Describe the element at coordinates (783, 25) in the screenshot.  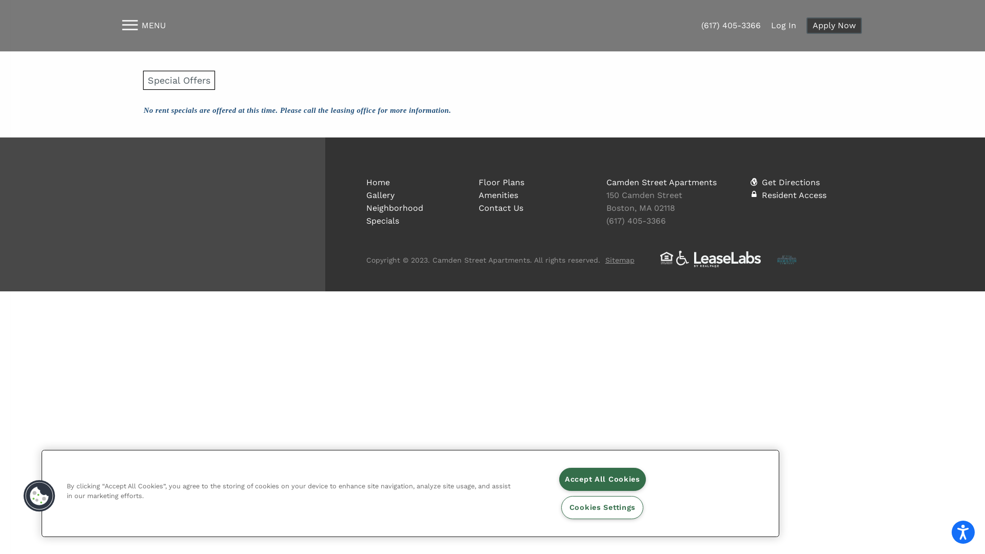
I see `'Log In'` at that location.